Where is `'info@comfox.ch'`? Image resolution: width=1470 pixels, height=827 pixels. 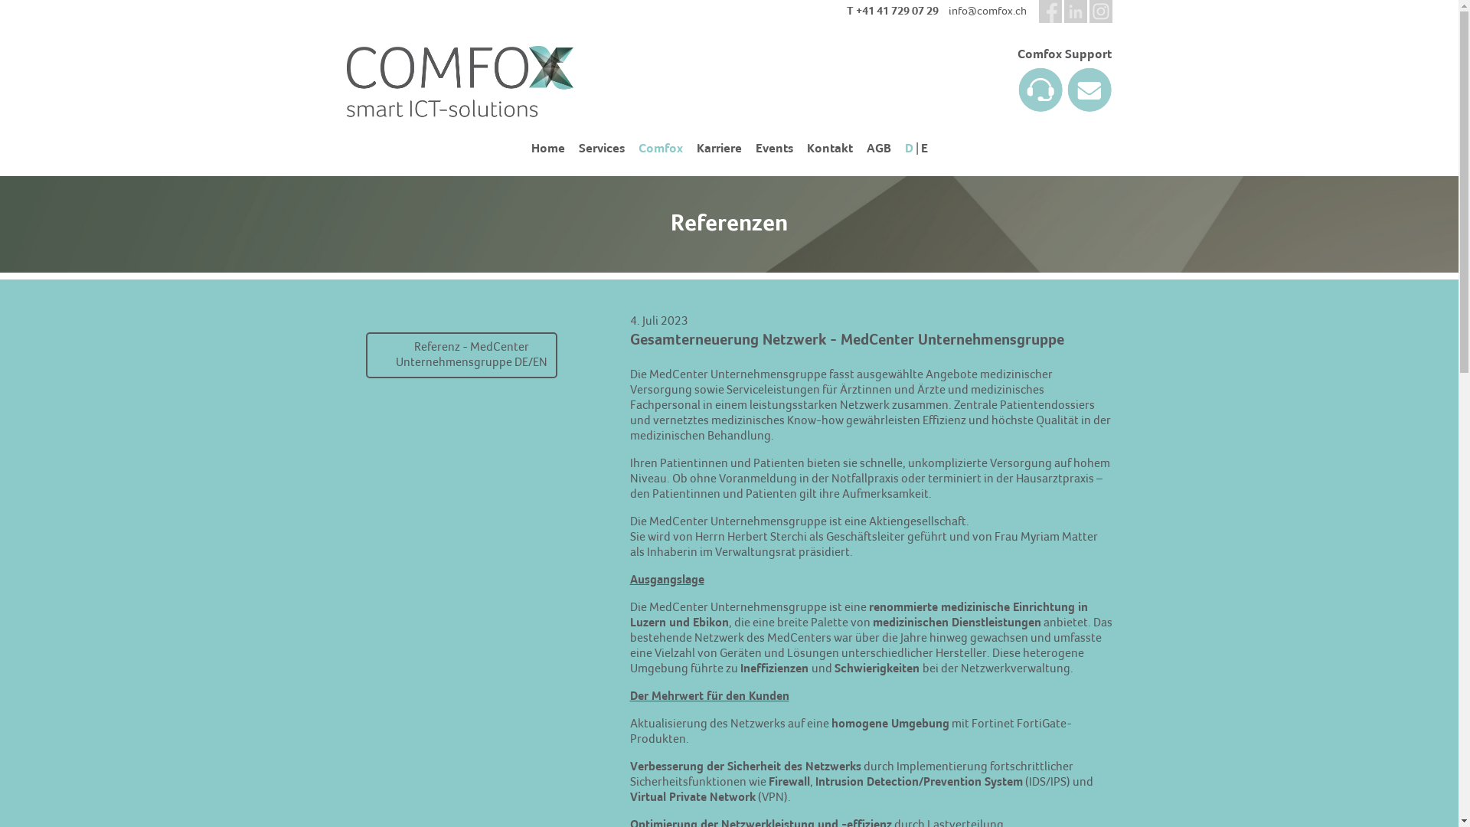 'info@comfox.ch' is located at coordinates (987, 11).